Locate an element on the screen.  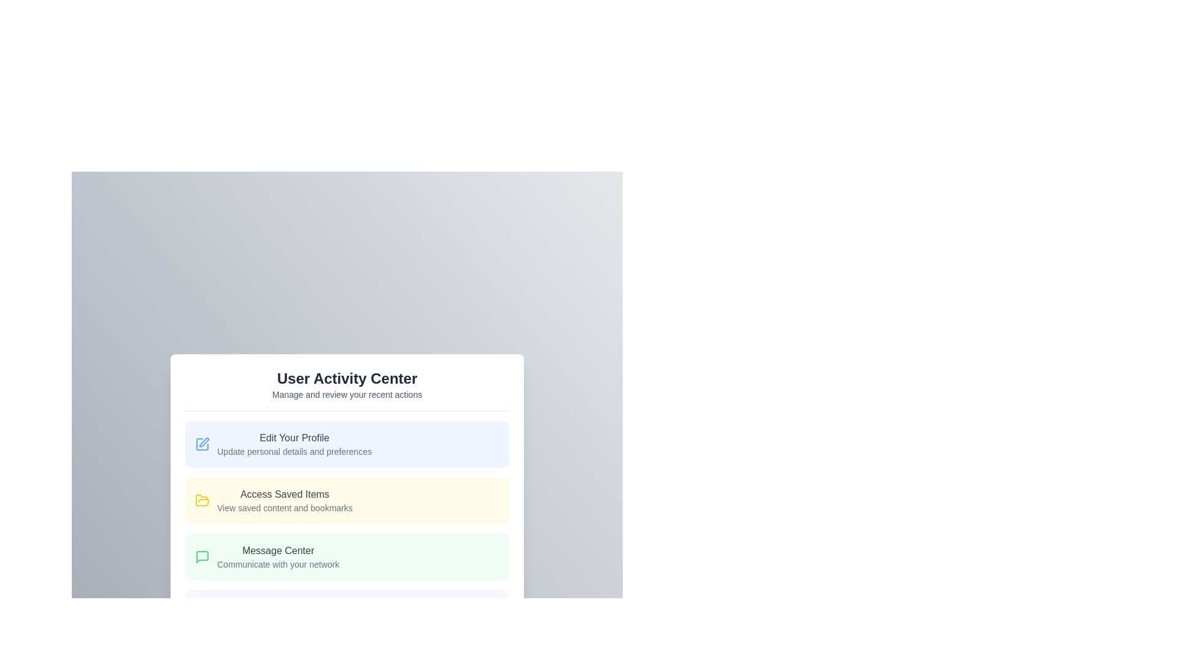
the static text label that serves as the title for accessing saved items, positioned centrally in the interface below the 'User Activity Center' header is located at coordinates (284, 493).